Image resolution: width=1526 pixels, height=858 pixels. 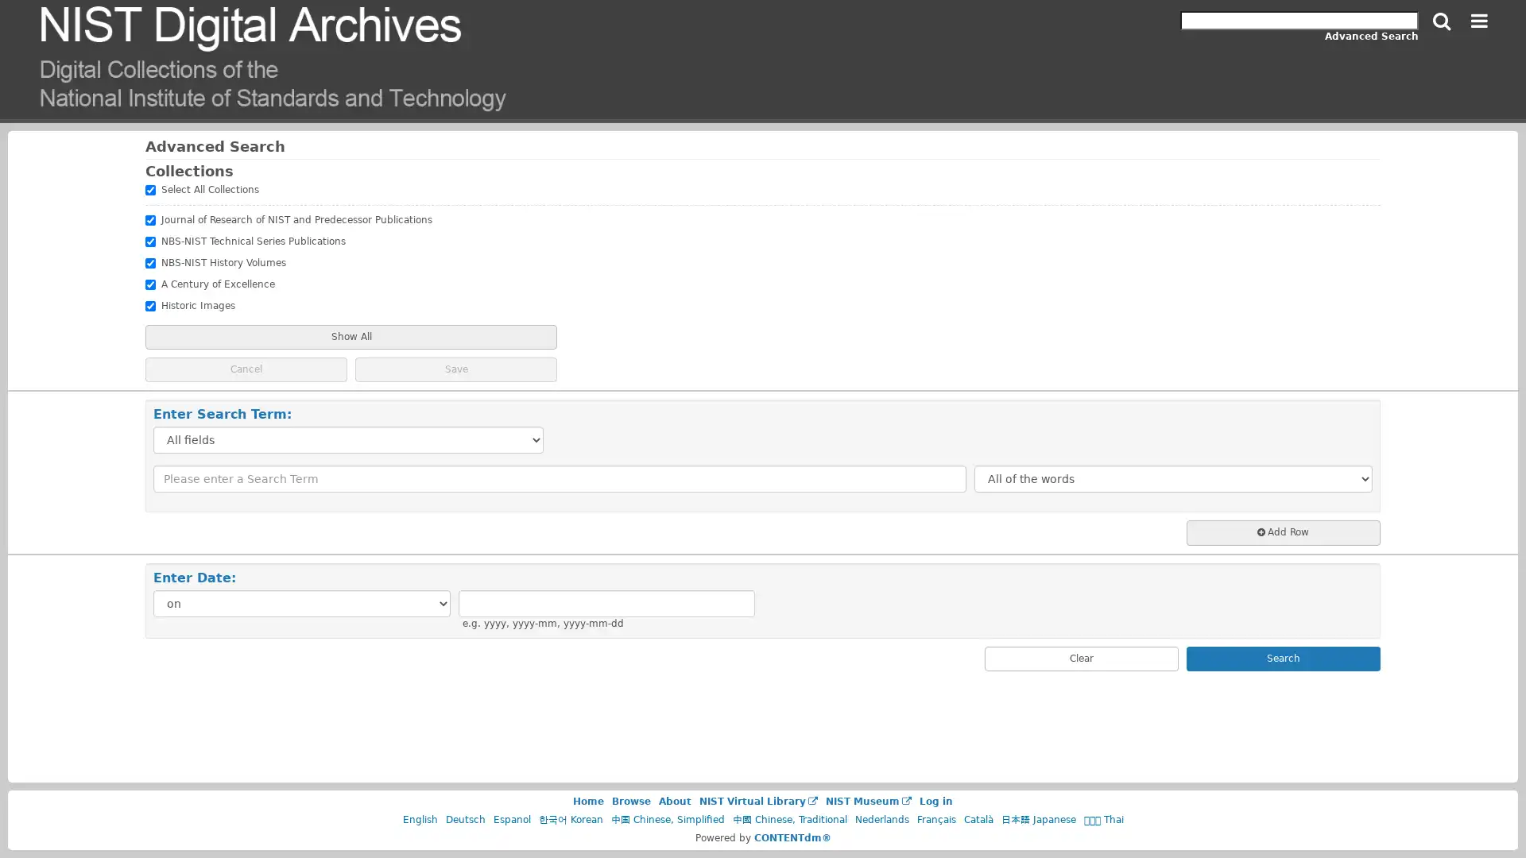 What do you see at coordinates (1080, 659) in the screenshot?
I see `Clear` at bounding box center [1080, 659].